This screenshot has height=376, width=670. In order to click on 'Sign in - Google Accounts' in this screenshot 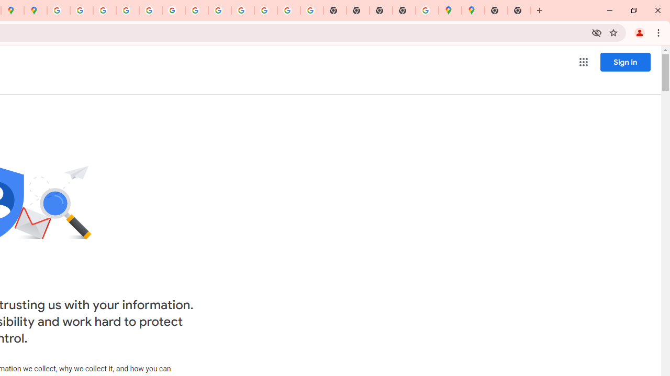, I will do `click(58, 10)`.